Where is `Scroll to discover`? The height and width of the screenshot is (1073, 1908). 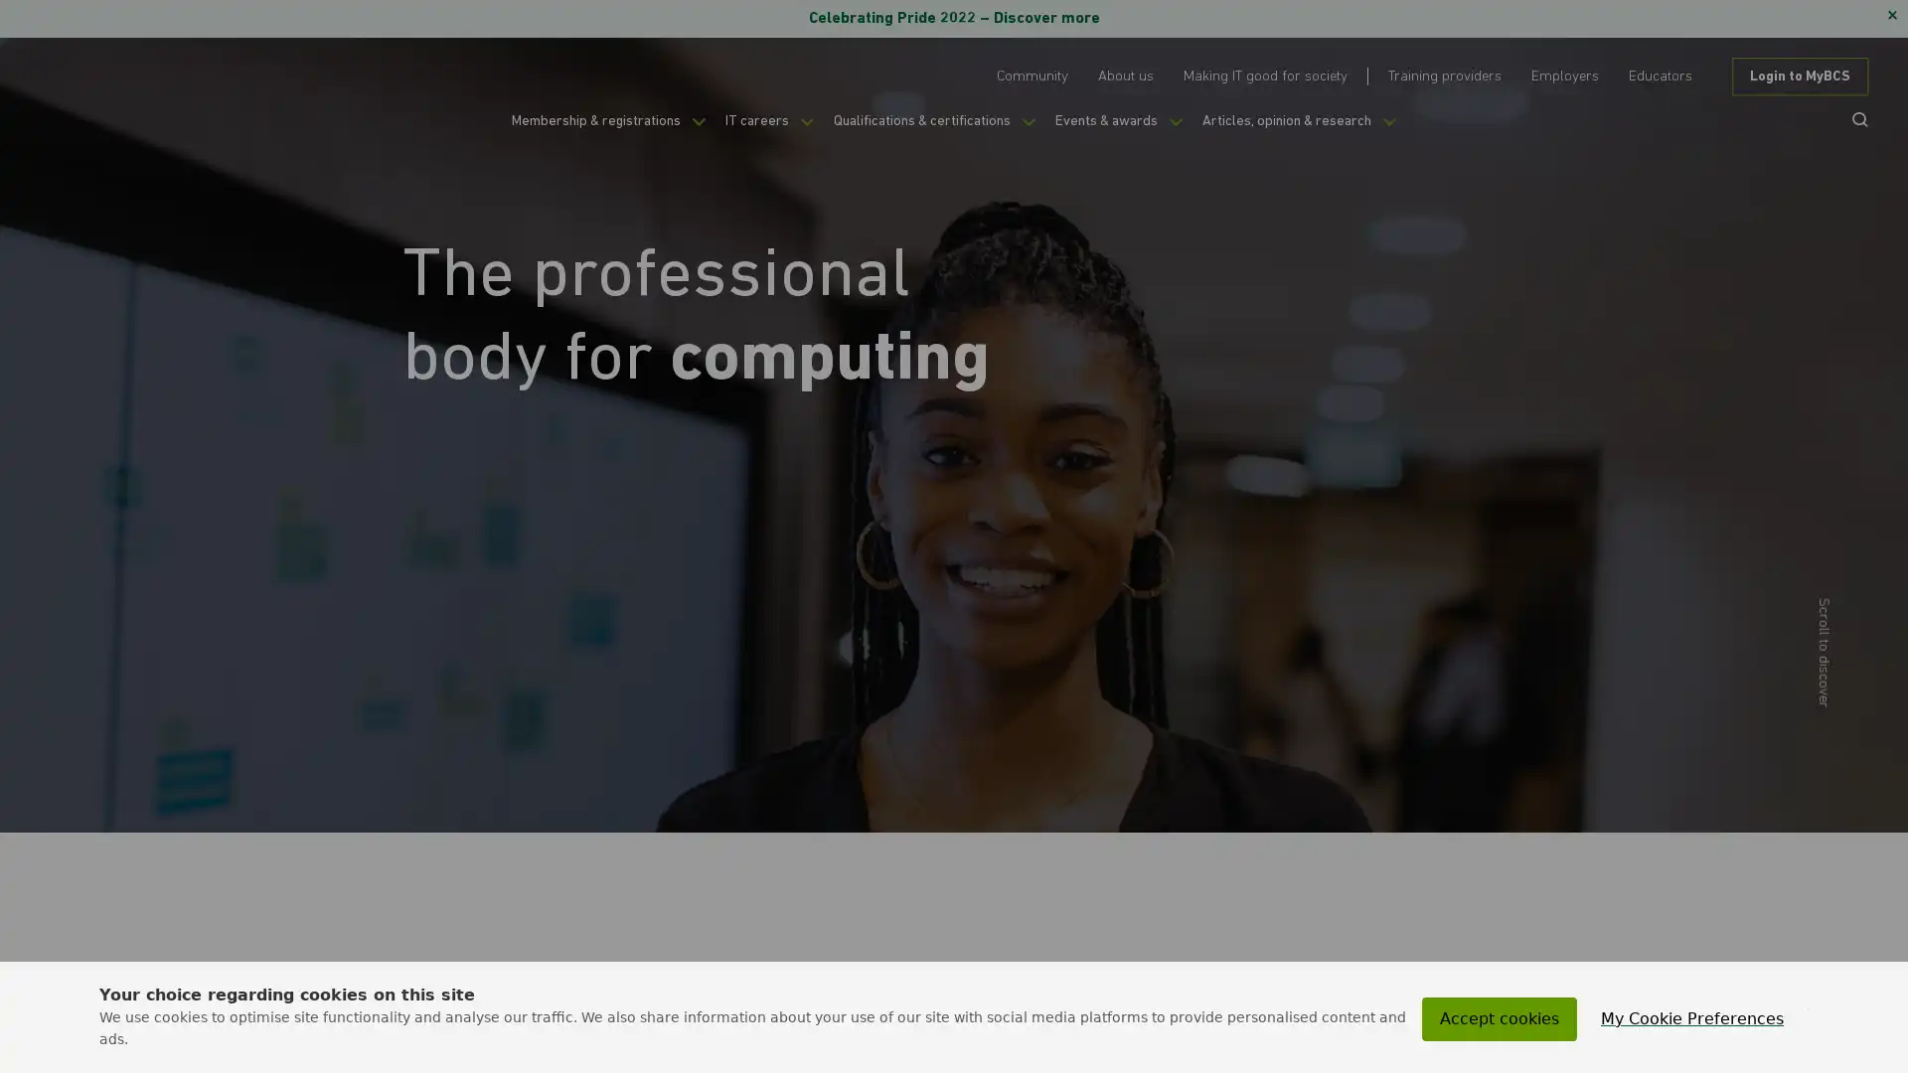 Scroll to discover is located at coordinates (1425, 651).